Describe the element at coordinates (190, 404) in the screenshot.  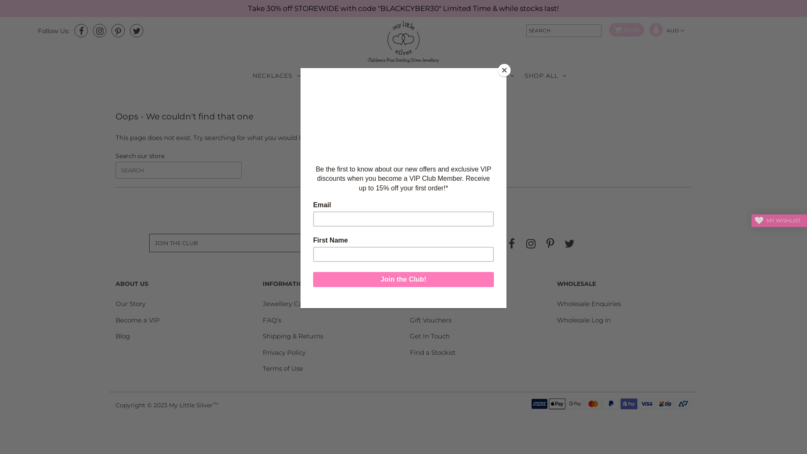
I see `'My Little Silver'` at that location.